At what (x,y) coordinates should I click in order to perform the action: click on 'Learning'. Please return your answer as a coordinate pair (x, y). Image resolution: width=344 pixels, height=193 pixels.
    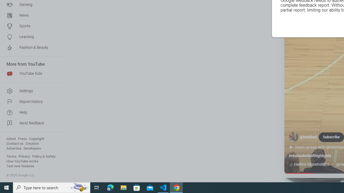
    Looking at the image, I should click on (30, 36).